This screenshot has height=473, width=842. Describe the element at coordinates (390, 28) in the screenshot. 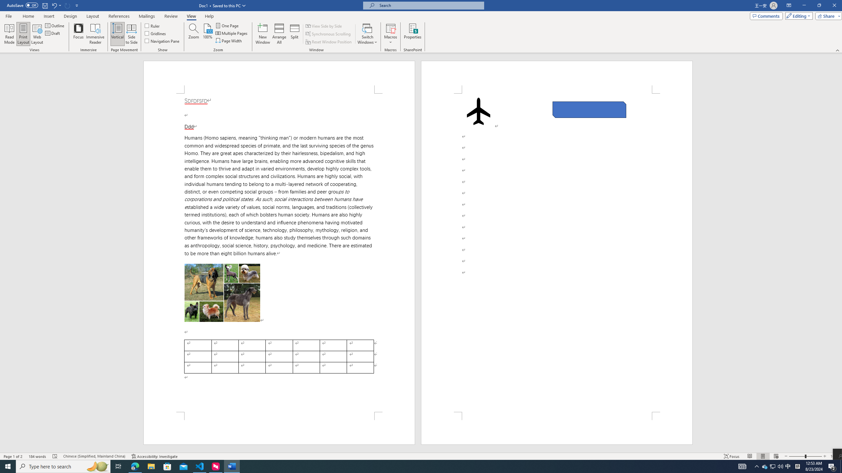

I see `'View Macros'` at that location.